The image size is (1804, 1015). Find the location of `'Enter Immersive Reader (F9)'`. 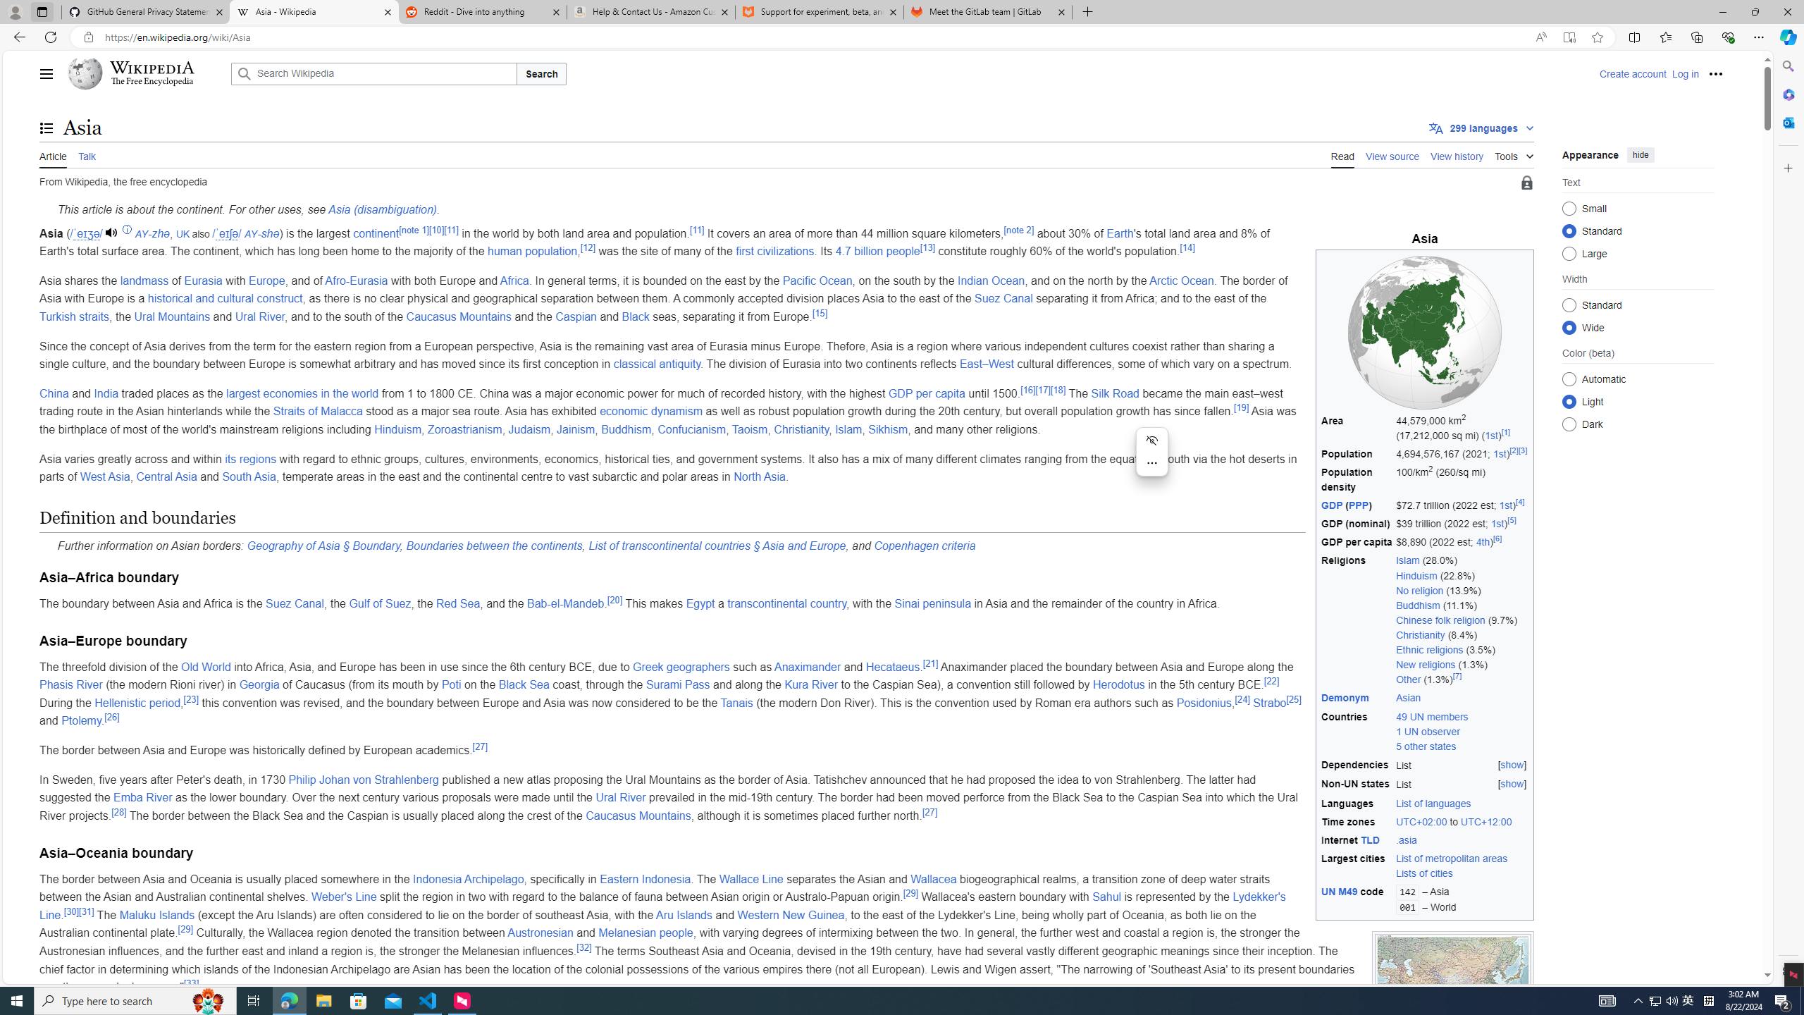

'Enter Immersive Reader (F9)' is located at coordinates (1569, 37).